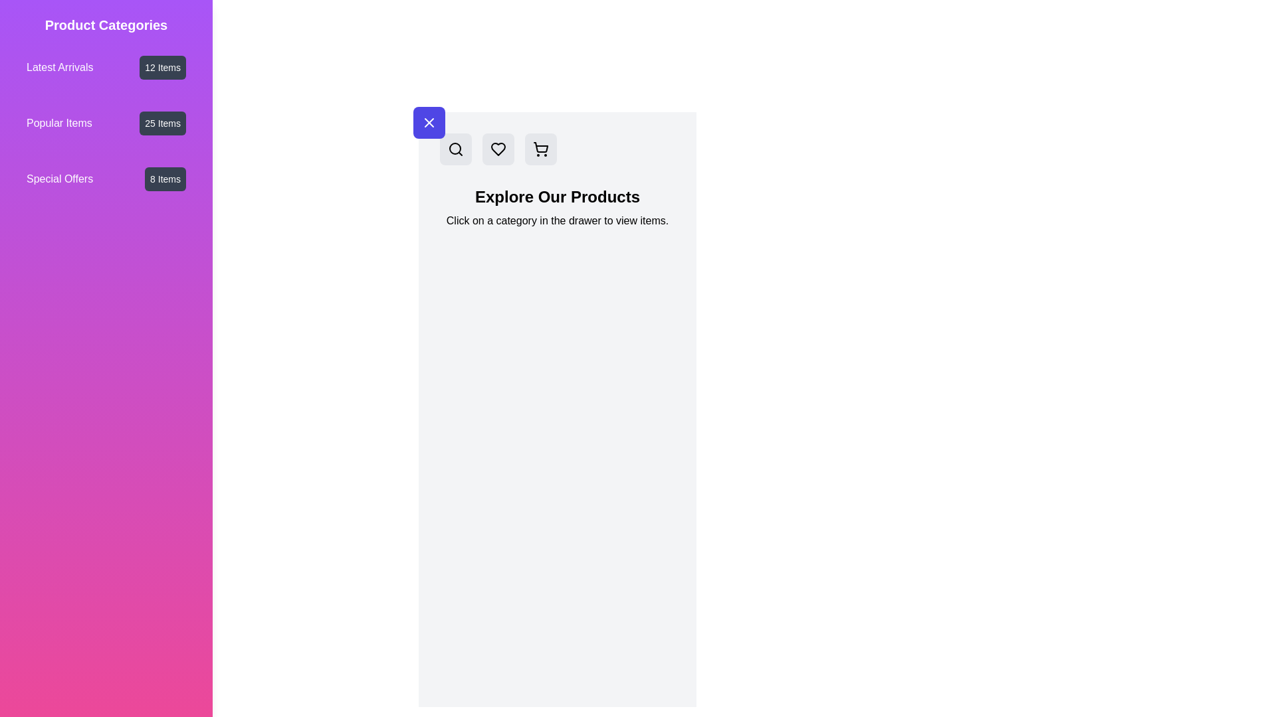 The width and height of the screenshot is (1276, 717). I want to click on toggle button to toggle the drawer visibility, so click(429, 123).